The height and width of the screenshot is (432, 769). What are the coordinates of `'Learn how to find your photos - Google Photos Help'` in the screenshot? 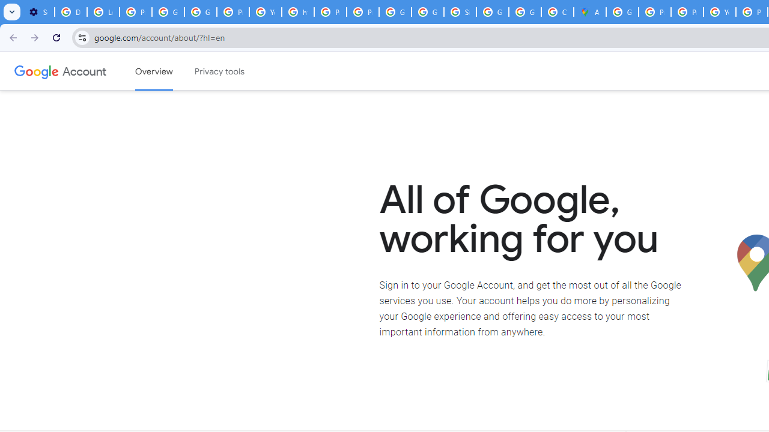 It's located at (103, 12).